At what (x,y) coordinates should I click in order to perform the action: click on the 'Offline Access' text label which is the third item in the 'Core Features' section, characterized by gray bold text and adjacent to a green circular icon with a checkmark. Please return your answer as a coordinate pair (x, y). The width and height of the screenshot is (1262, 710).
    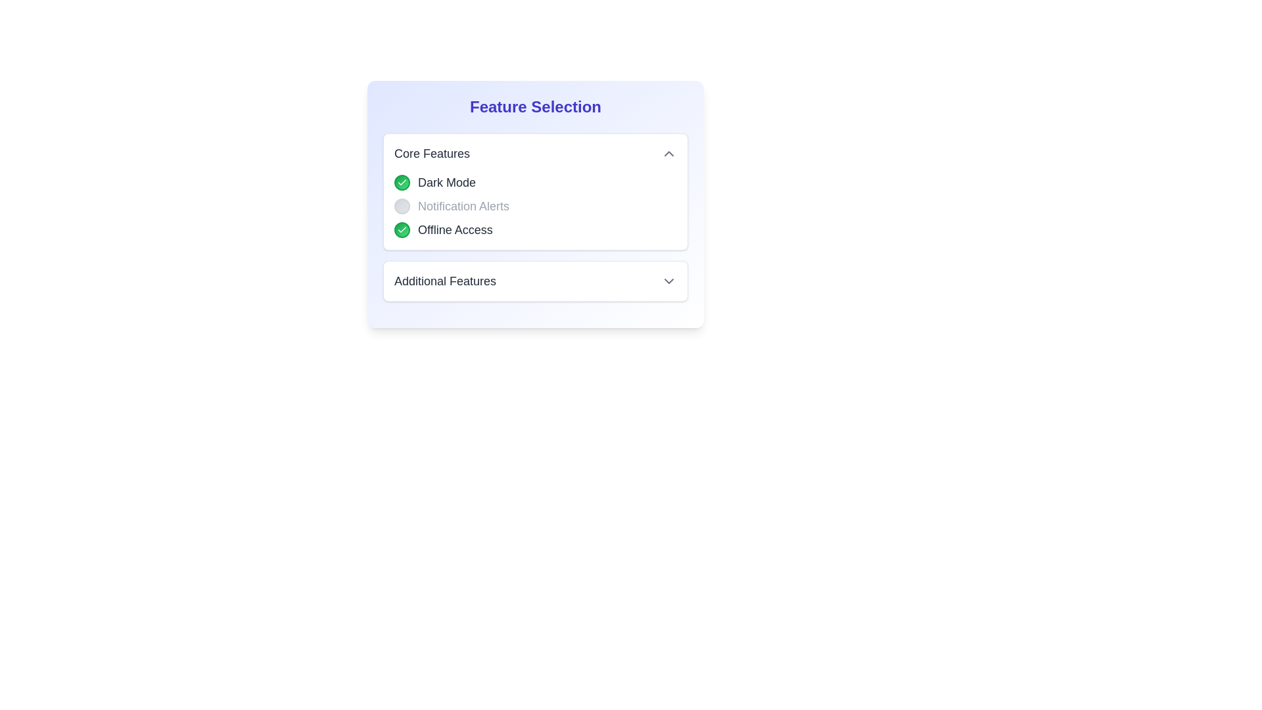
    Looking at the image, I should click on (455, 229).